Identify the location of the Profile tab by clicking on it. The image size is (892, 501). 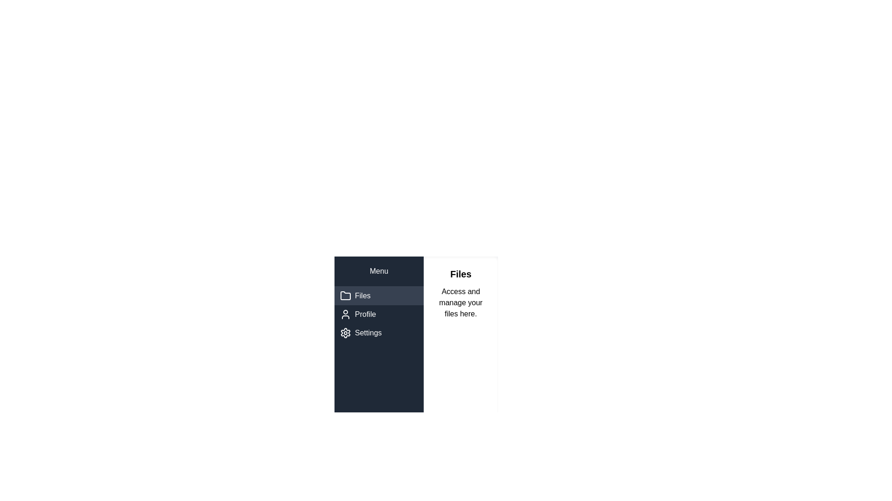
(379, 314).